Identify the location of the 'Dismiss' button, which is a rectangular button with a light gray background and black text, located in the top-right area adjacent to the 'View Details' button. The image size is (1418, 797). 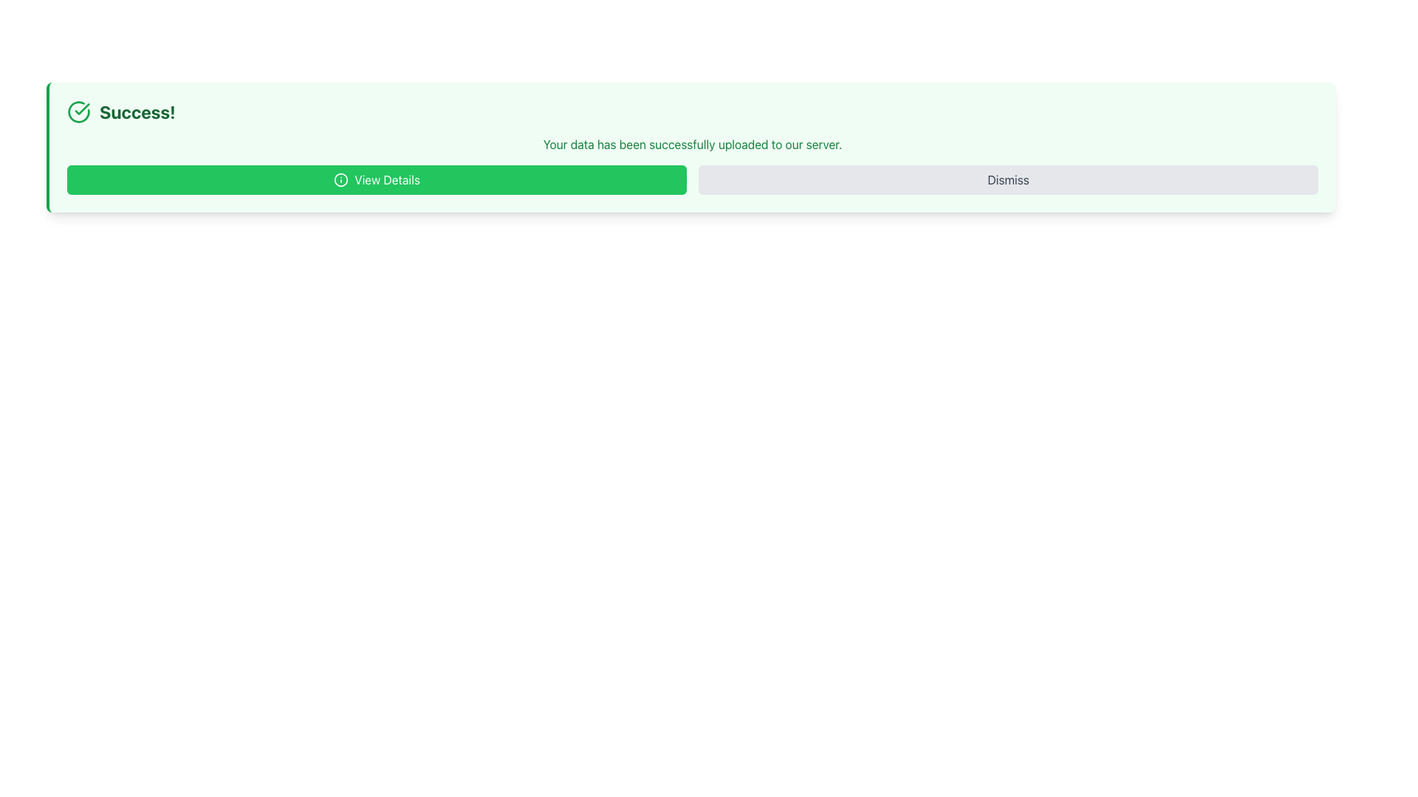
(1007, 179).